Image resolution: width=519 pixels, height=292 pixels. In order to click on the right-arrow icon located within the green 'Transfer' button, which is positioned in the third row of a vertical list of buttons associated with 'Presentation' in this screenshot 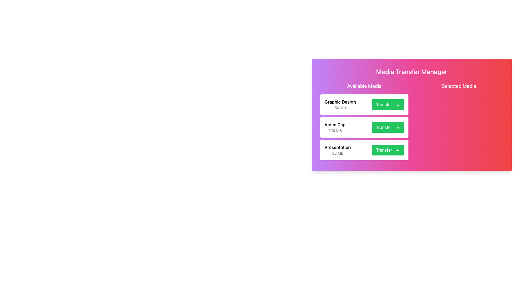, I will do `click(397, 150)`.